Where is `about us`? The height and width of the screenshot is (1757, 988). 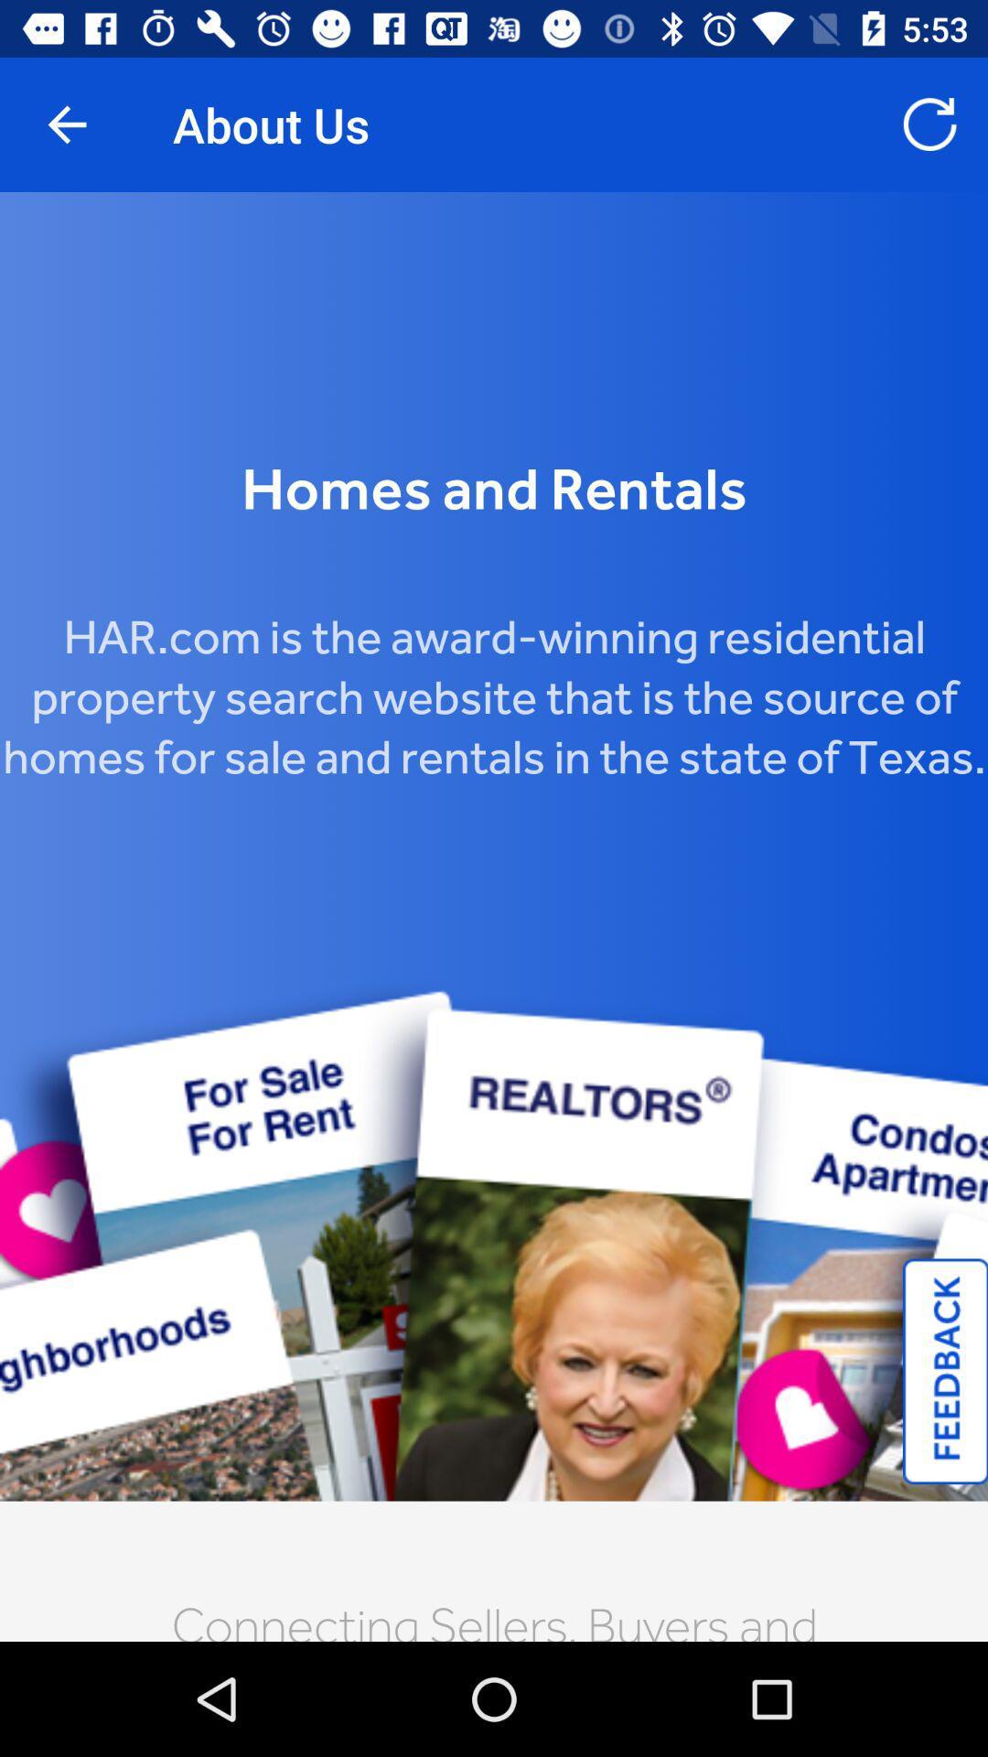
about us is located at coordinates (494, 917).